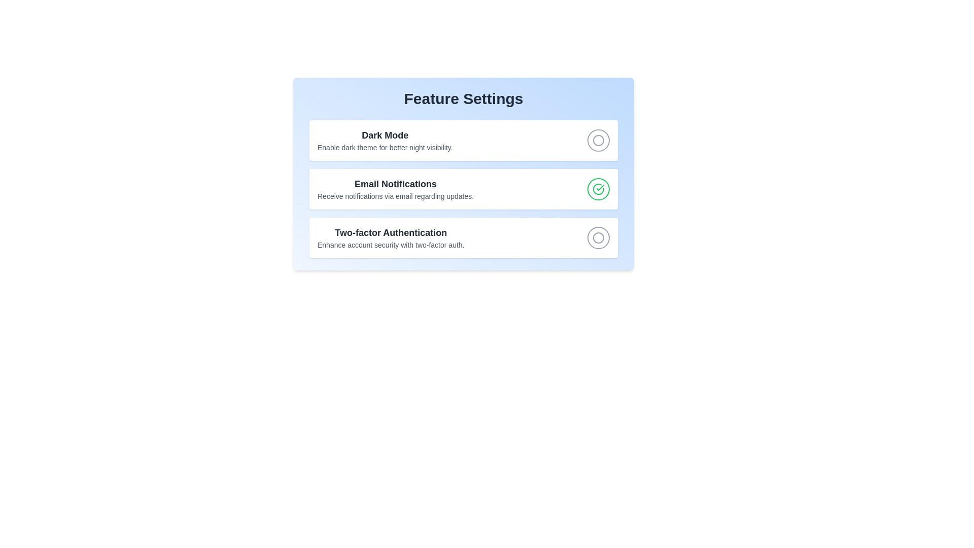 This screenshot has width=974, height=548. What do you see at coordinates (599, 238) in the screenshot?
I see `the circular graphical SVG element that serves as a status or toggle indicator, located near the top-right of a 'Dark Mode' list item within an interactive group` at bounding box center [599, 238].